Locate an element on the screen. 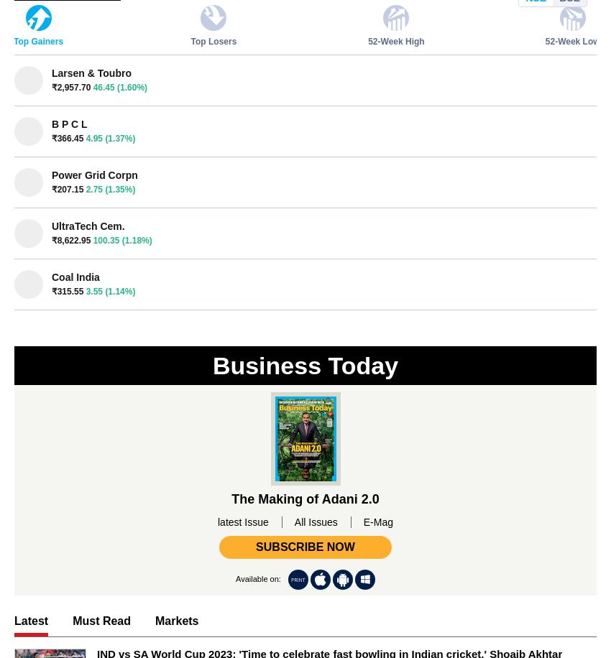 Image resolution: width=611 pixels, height=658 pixels. 'Business Today' is located at coordinates (305, 365).